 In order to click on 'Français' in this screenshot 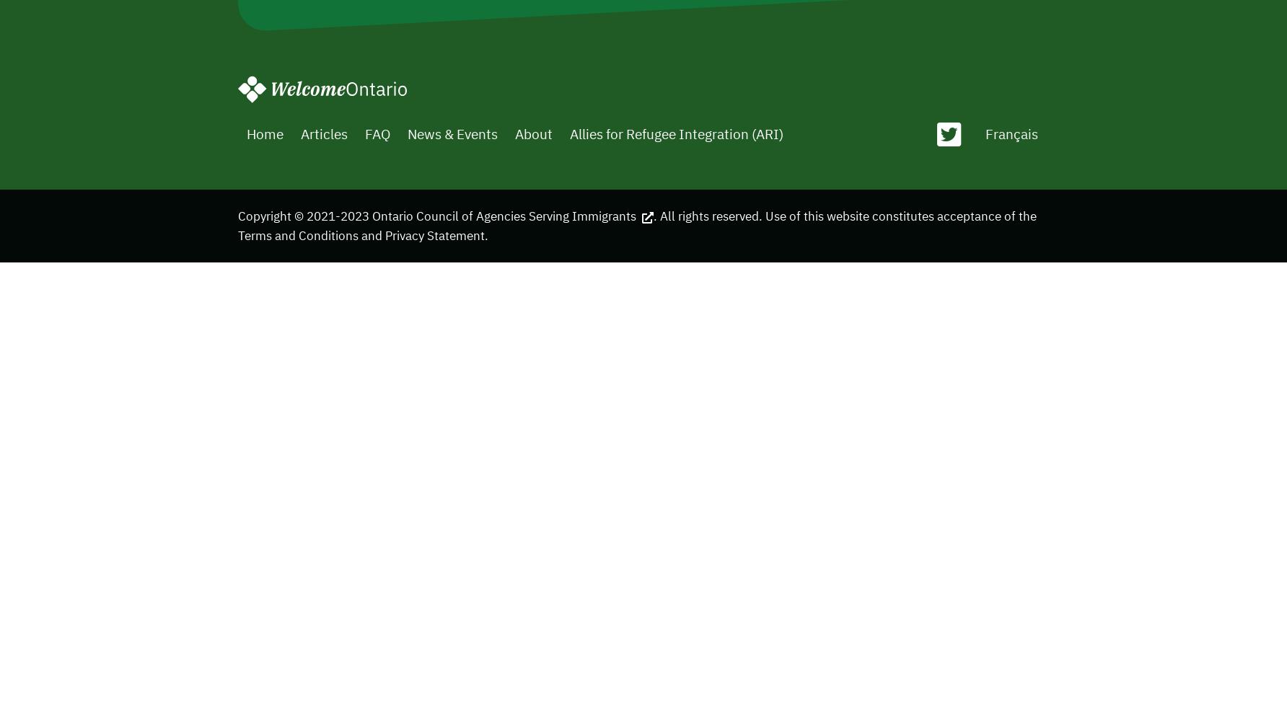, I will do `click(1011, 133)`.